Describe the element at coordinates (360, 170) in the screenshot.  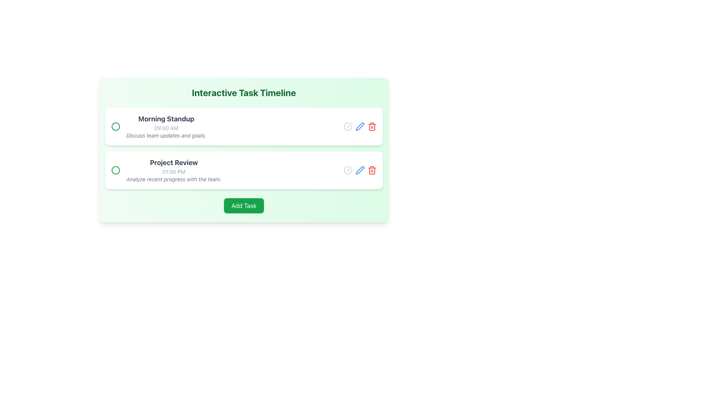
I see `the blue pen-shaped icon resembling an edit tool located in the horizontal row of actions for the 'Project Review' task` at that location.